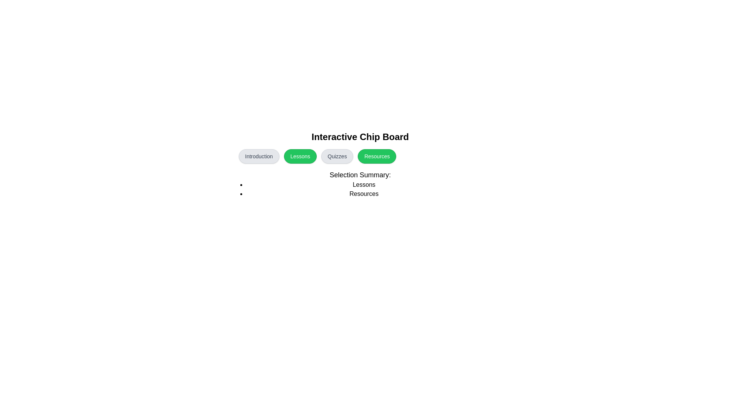  Describe the element at coordinates (259, 156) in the screenshot. I see `the pill-shaped button labeled 'Introduction' with a gray background` at that location.